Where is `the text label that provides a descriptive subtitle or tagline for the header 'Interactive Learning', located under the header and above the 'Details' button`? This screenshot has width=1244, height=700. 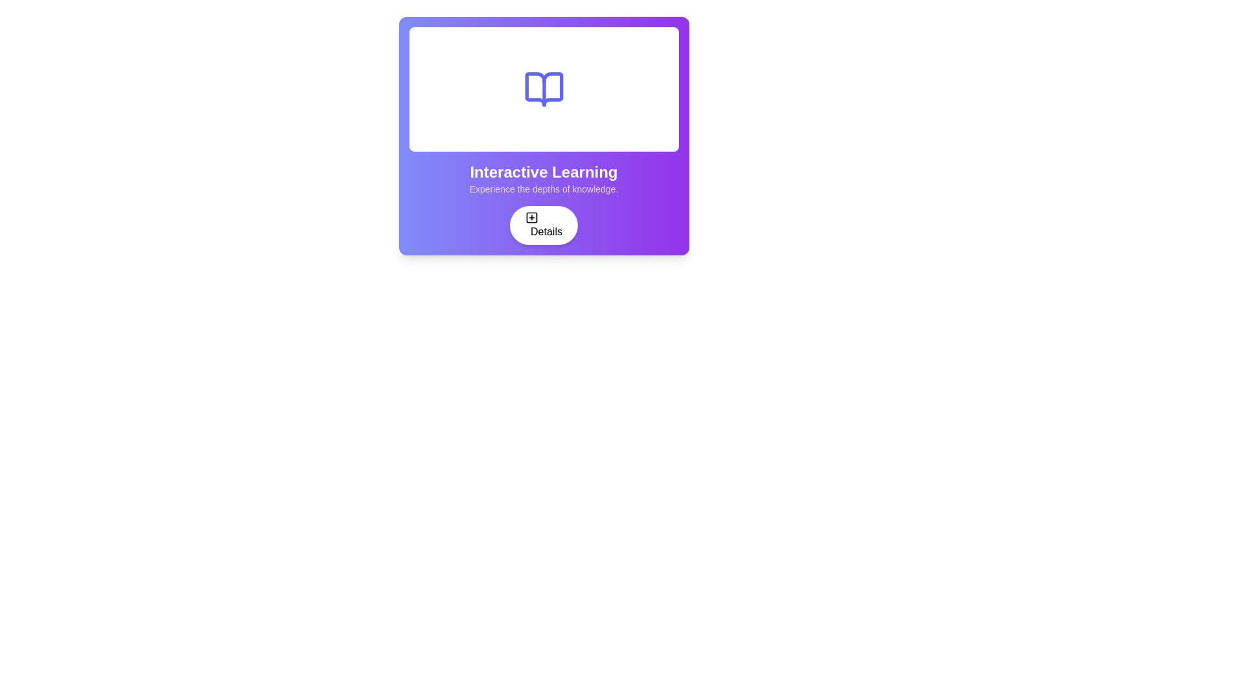 the text label that provides a descriptive subtitle or tagline for the header 'Interactive Learning', located under the header and above the 'Details' button is located at coordinates (544, 189).